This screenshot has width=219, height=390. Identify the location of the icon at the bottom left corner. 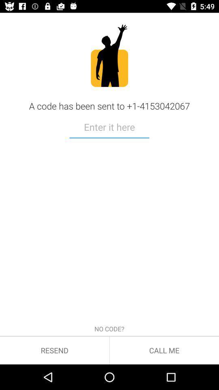
(54, 350).